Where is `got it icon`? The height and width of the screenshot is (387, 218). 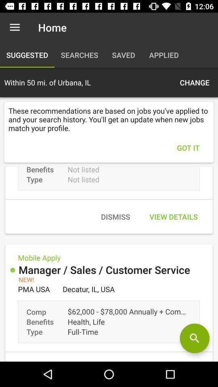 got it icon is located at coordinates (188, 147).